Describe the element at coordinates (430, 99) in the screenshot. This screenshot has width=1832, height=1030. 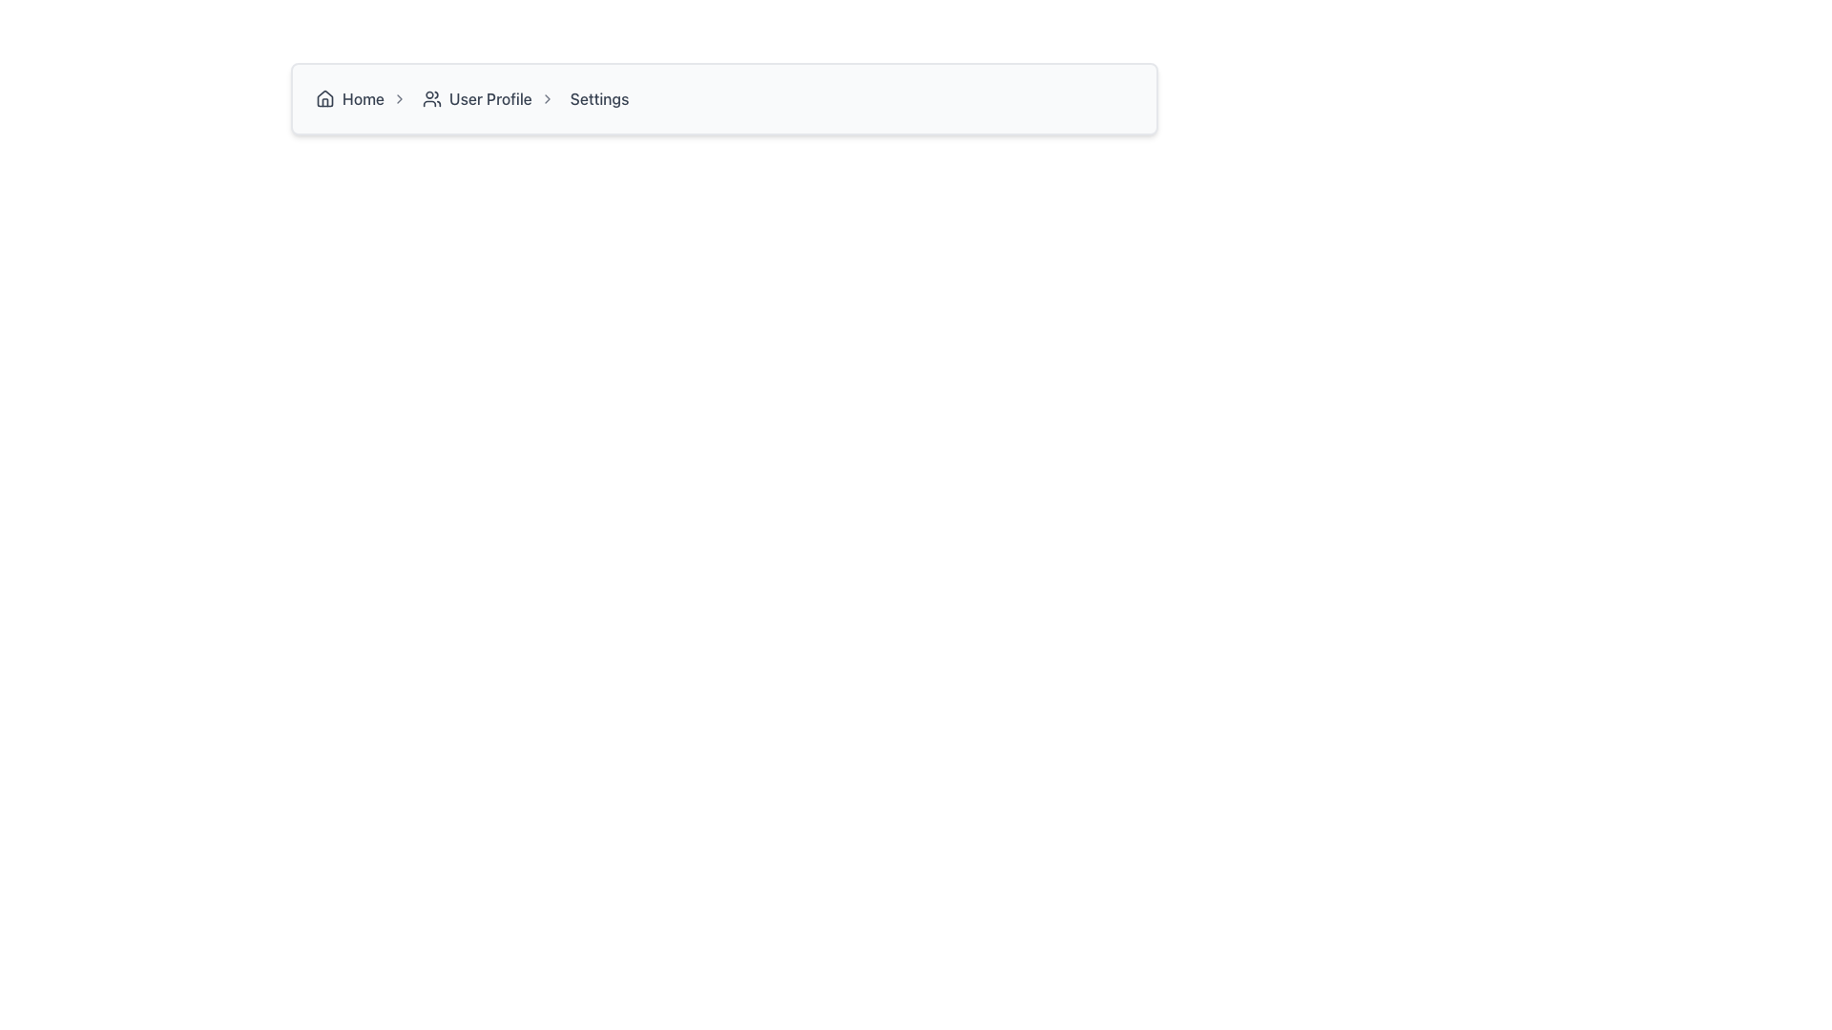
I see `the 'User Profile' icon (non-interactive) in the breadcrumb navigation bar` at that location.